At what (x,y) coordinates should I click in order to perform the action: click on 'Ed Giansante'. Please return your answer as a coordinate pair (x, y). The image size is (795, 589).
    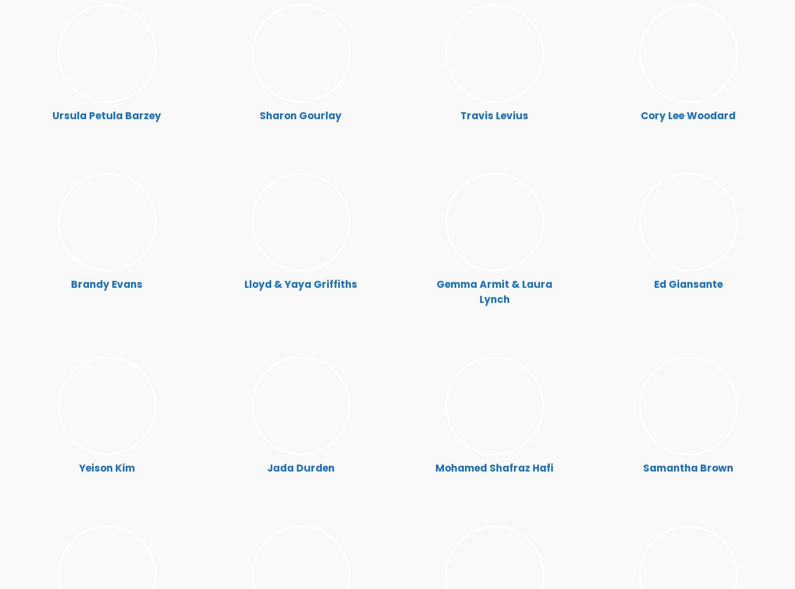
    Looking at the image, I should click on (687, 283).